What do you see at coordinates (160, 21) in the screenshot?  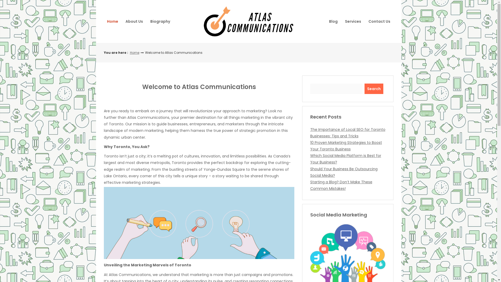 I see `'Biography'` at bounding box center [160, 21].